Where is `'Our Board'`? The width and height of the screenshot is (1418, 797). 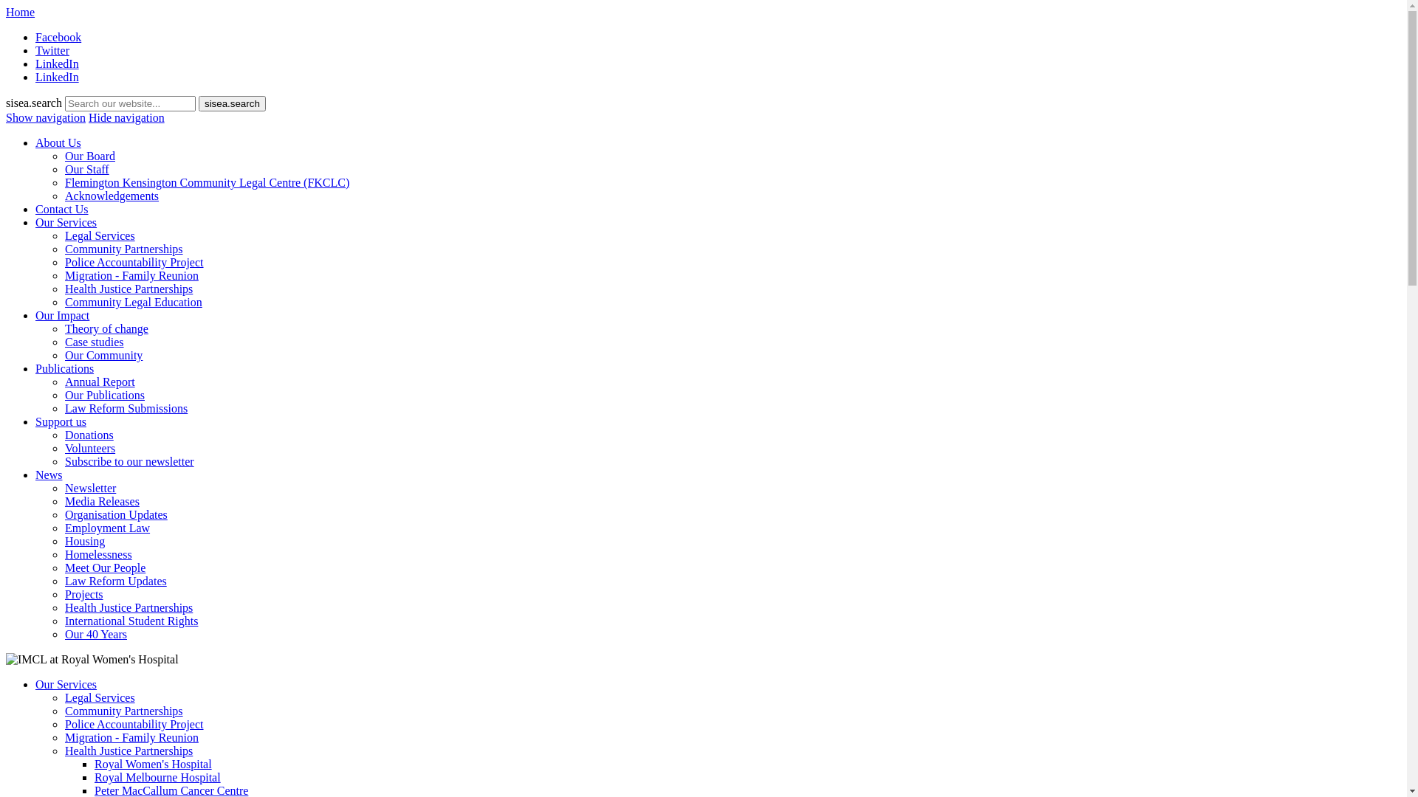
'Our Board' is located at coordinates (89, 156).